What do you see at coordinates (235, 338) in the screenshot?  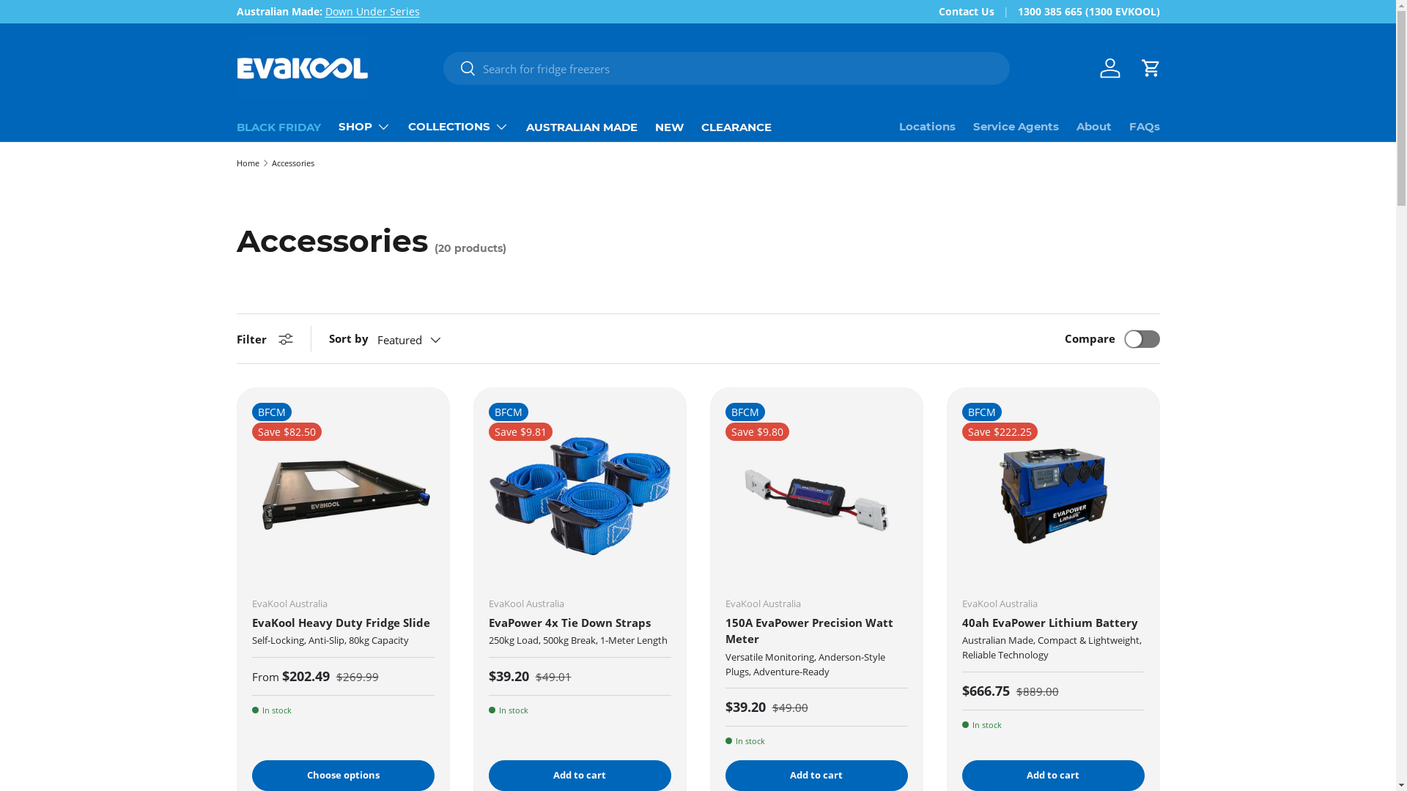 I see `'Filter'` at bounding box center [235, 338].